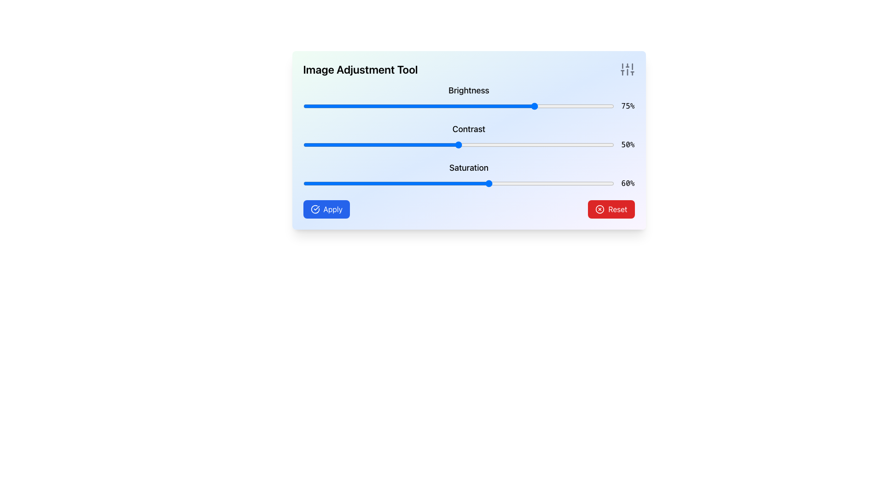  Describe the element at coordinates (468, 106) in the screenshot. I see `brightness` at that location.